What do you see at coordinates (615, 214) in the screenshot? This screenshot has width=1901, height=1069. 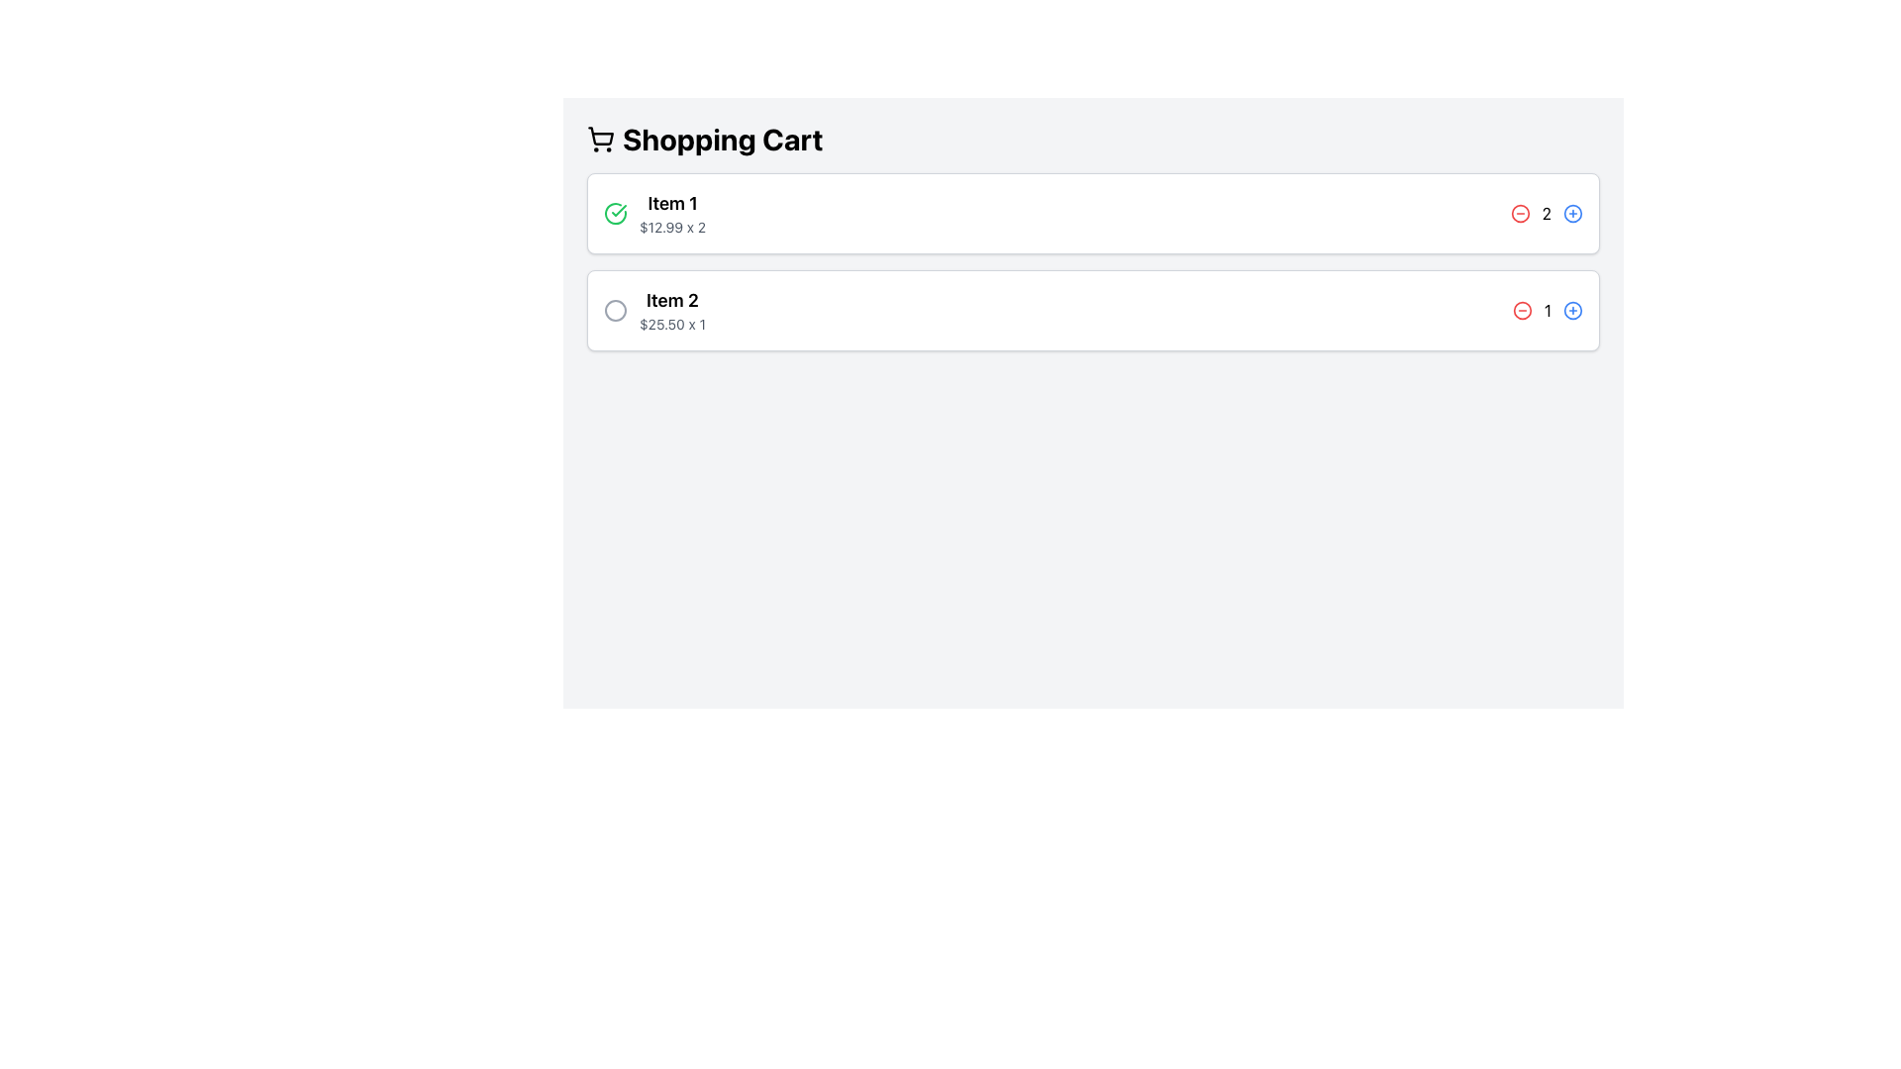 I see `the green circular graphic icon with a checkmark located to the left of the text 'Item 1 $12.99 x 2' in the first list item of the shopping cart` at bounding box center [615, 214].